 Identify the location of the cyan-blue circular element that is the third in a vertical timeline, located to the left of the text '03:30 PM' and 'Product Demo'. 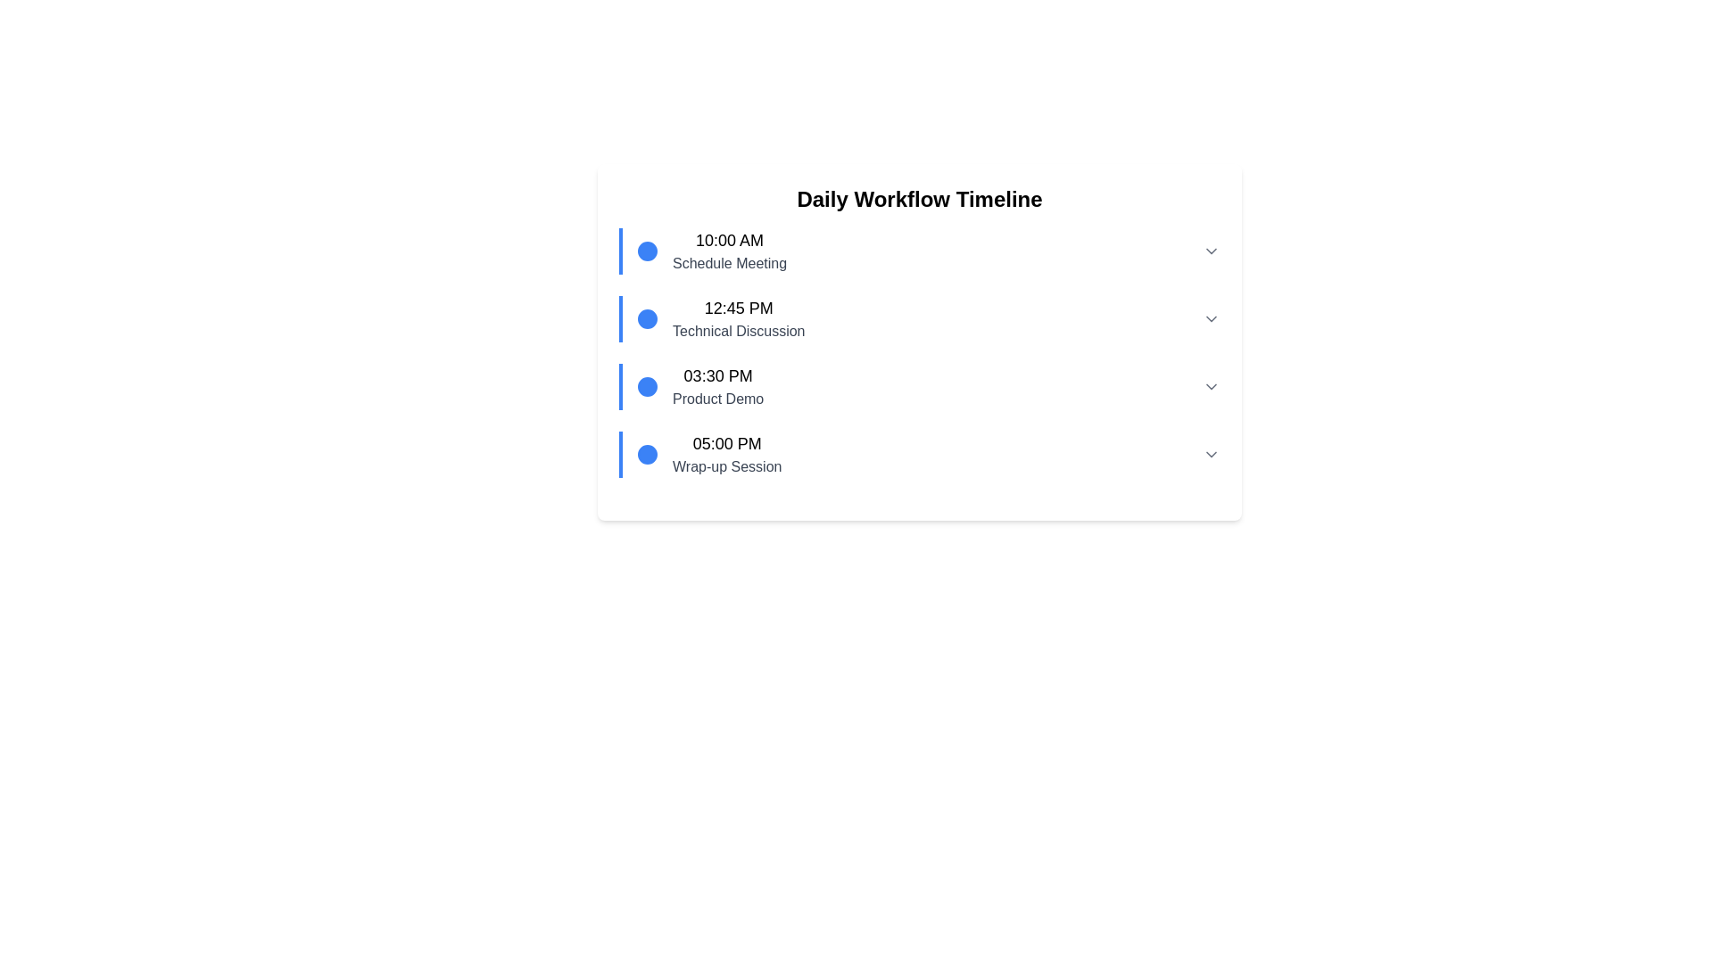
(646, 386).